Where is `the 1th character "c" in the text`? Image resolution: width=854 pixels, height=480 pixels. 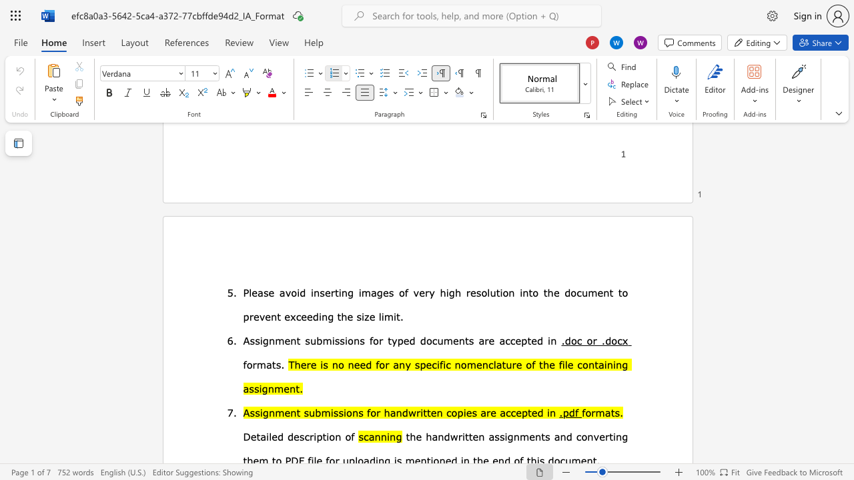
the 1th character "c" in the text is located at coordinates (298, 316).